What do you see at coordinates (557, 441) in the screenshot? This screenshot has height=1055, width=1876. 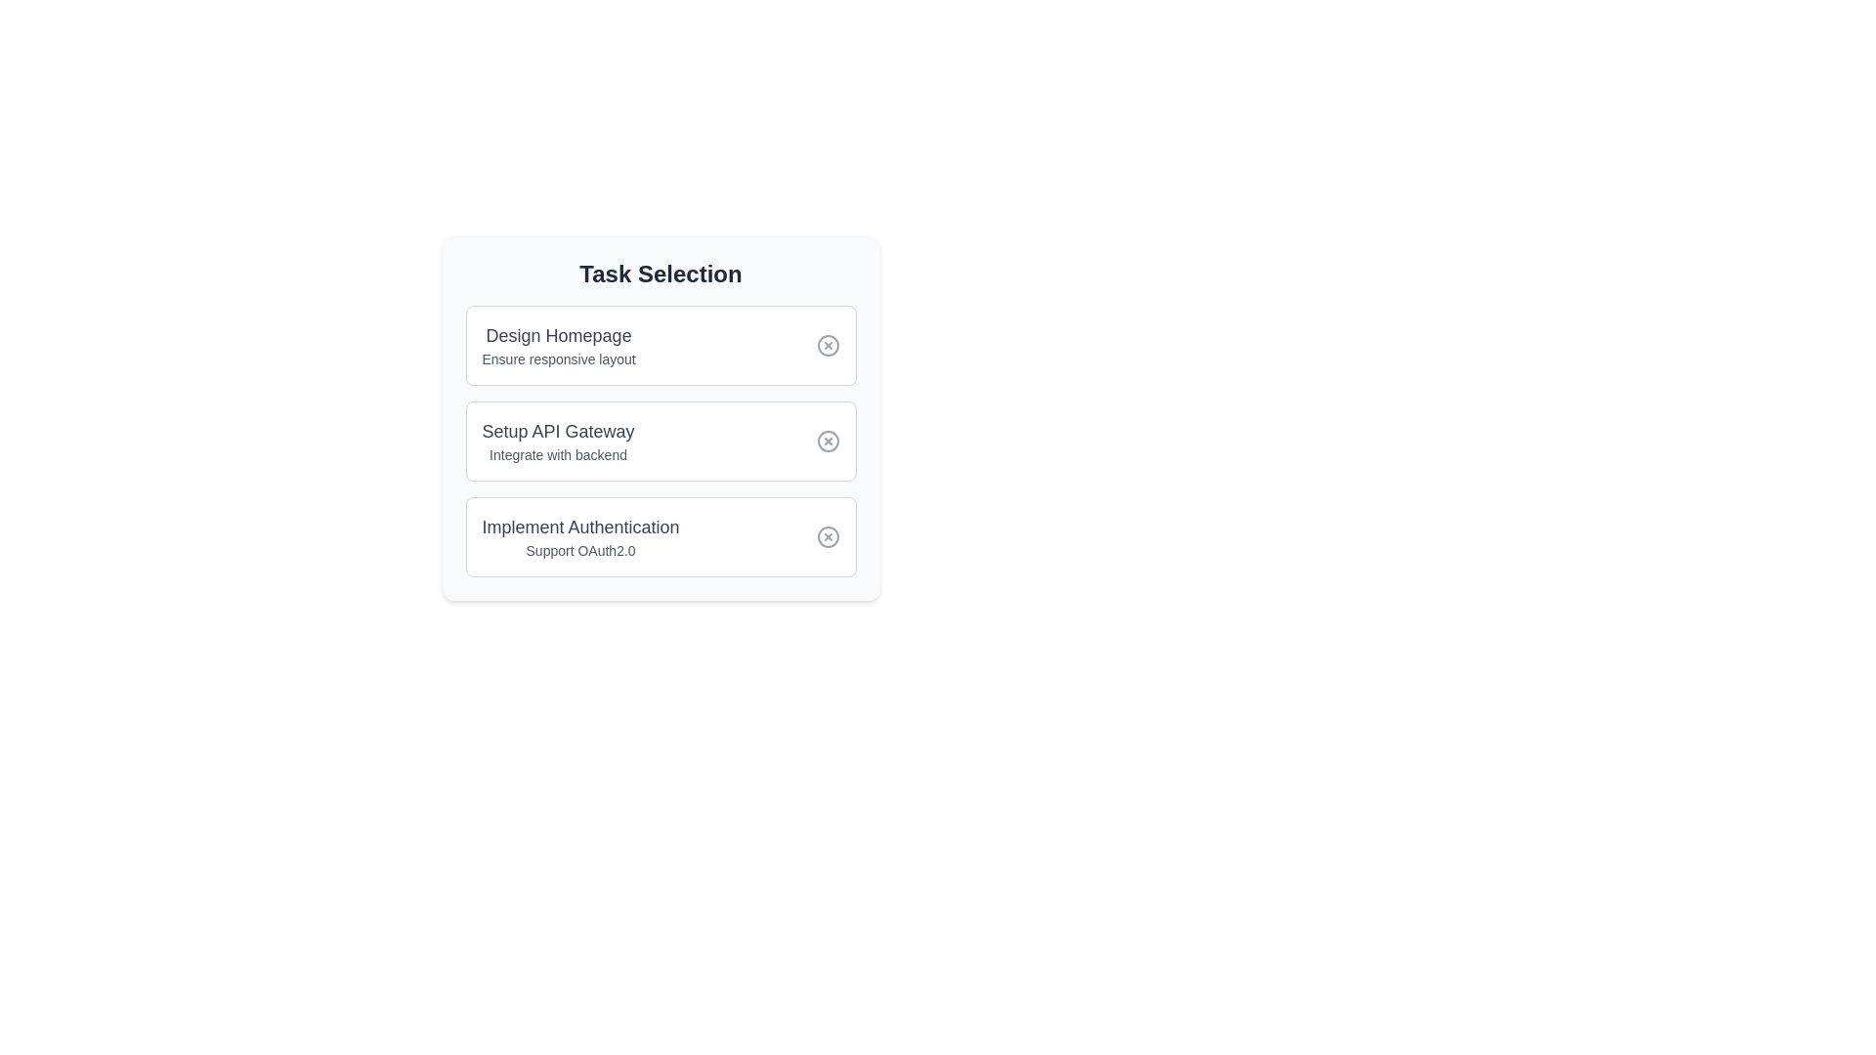 I see `the text element for the task 'Setup API Gateway' which is the second option in a list` at bounding box center [557, 441].